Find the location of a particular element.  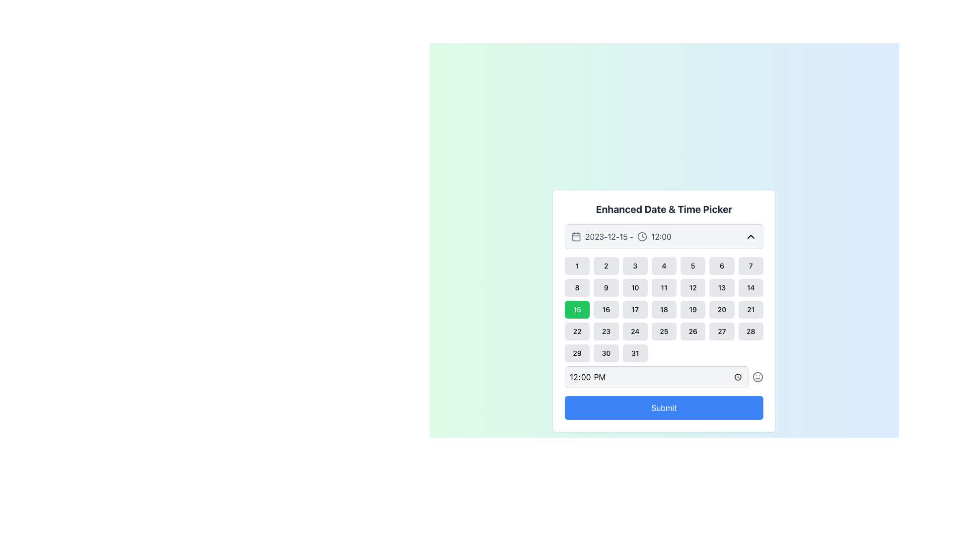

the time text within the Enhanced Date & Time Picker element is located at coordinates (664, 237).